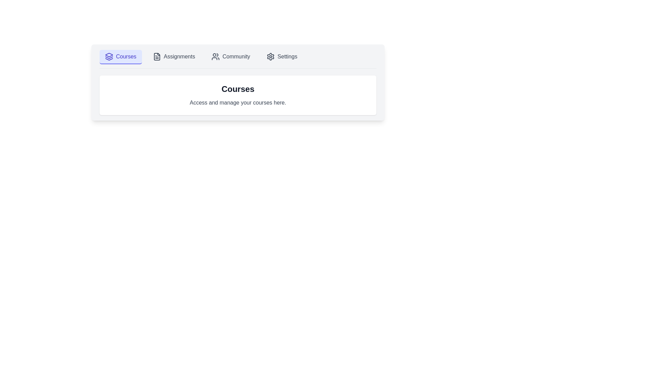 This screenshot has width=657, height=369. I want to click on the bold heading text 'Courses' in black, prominently displayed at the top-center of the card's content area, so click(238, 89).